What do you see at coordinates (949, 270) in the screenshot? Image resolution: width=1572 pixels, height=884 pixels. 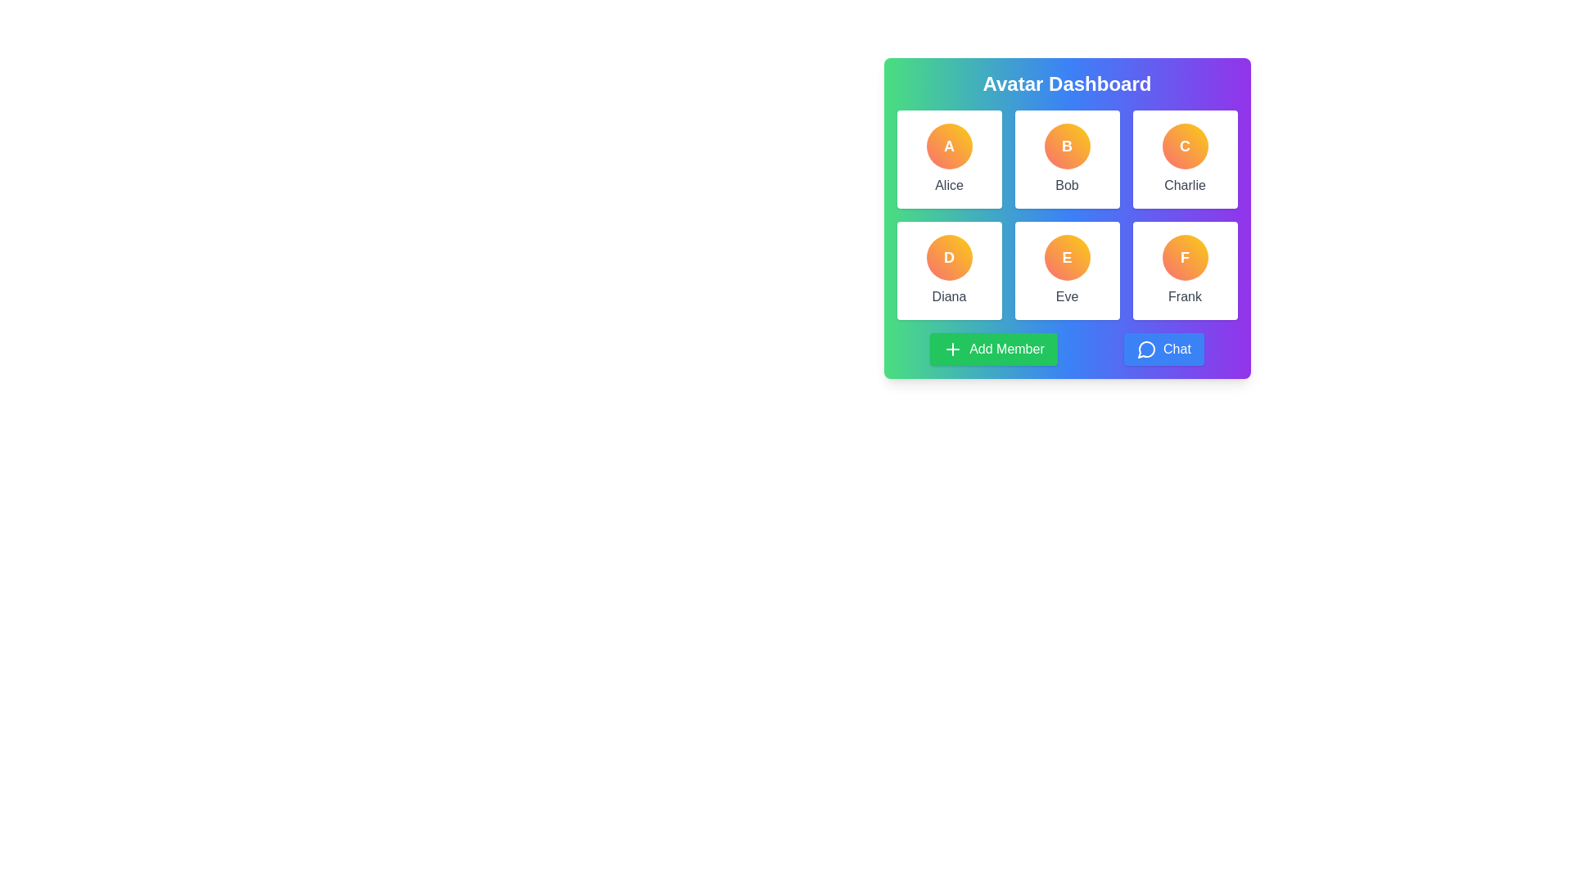 I see `the avatar in the user profile card for Diana` at bounding box center [949, 270].